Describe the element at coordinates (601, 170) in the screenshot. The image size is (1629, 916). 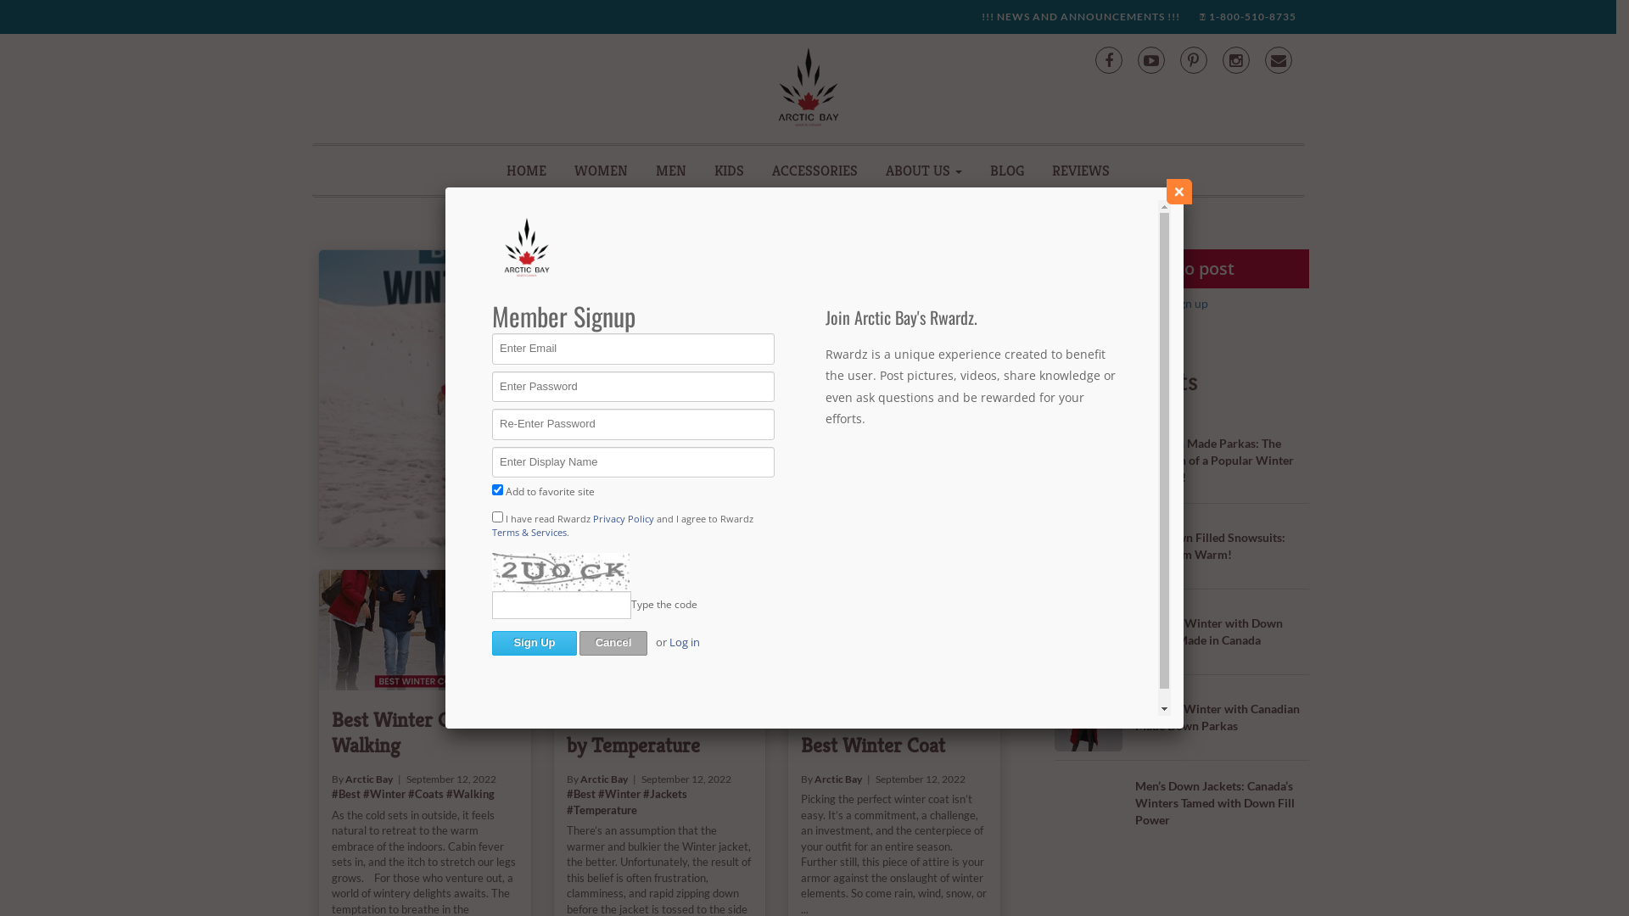
I see `'WOMEN'` at that location.